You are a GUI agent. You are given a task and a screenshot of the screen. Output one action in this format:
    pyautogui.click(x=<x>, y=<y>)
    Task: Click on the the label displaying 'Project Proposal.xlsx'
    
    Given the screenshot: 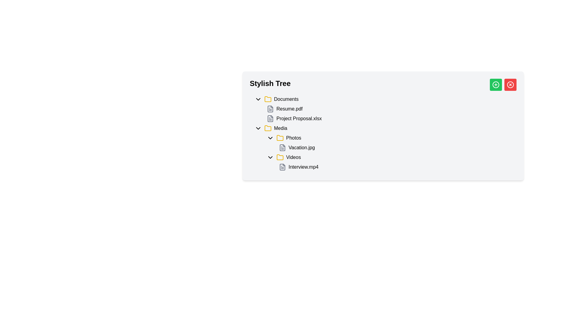 What is the action you would take?
    pyautogui.click(x=299, y=119)
    